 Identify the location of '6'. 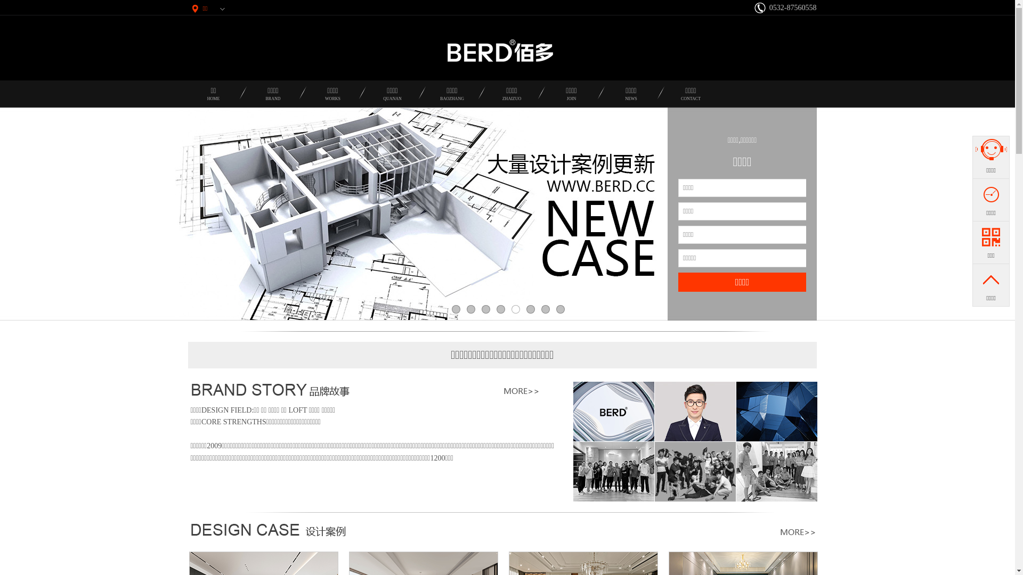
(526, 309).